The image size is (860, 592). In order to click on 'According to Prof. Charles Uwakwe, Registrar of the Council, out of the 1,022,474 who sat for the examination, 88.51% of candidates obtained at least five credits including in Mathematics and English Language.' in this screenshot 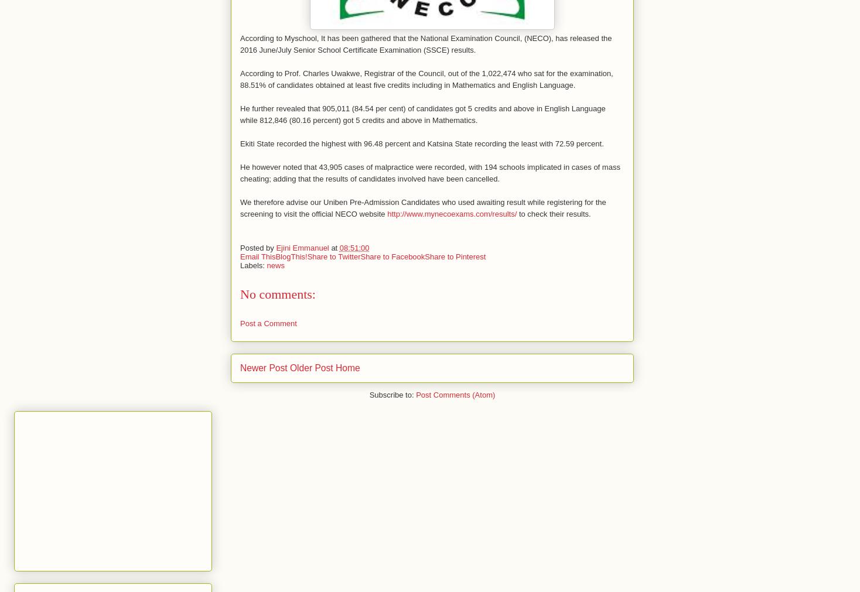, I will do `click(426, 78)`.